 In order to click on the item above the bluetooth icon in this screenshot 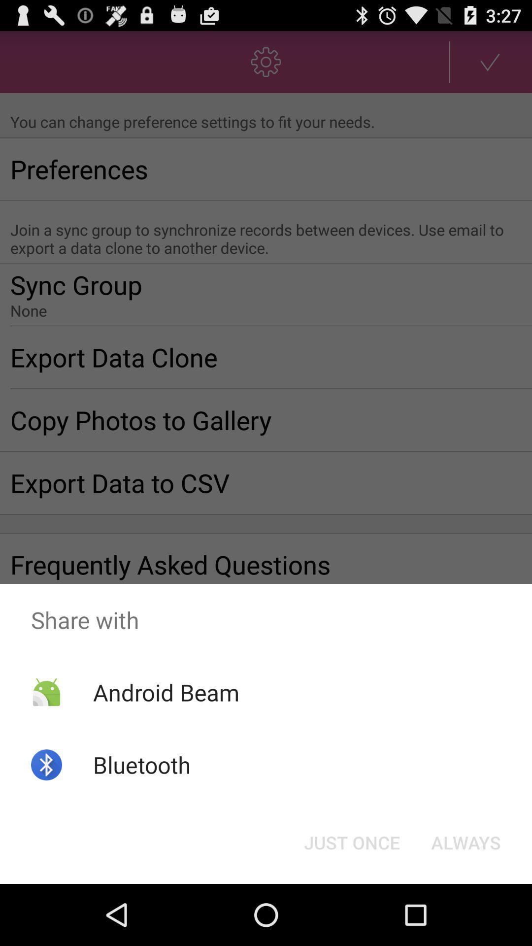, I will do `click(166, 692)`.